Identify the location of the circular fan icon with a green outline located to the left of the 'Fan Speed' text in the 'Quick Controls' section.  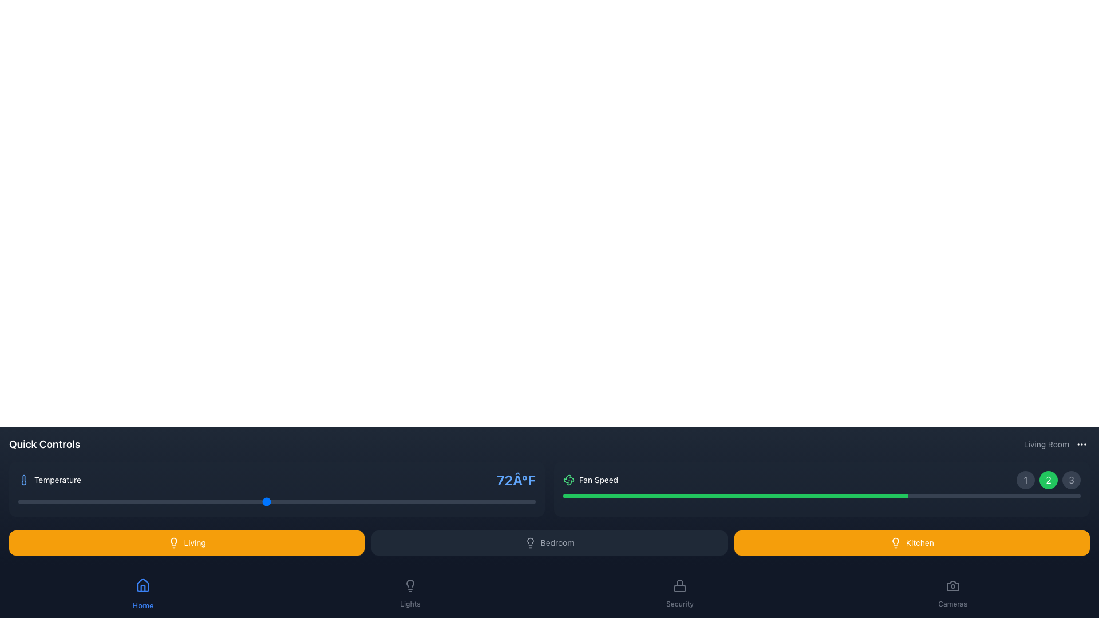
(568, 480).